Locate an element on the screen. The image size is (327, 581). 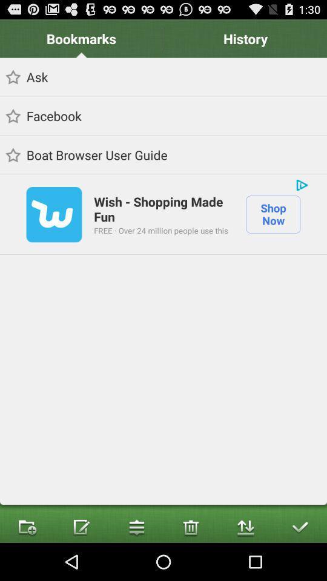
the folder icon is located at coordinates (27, 563).